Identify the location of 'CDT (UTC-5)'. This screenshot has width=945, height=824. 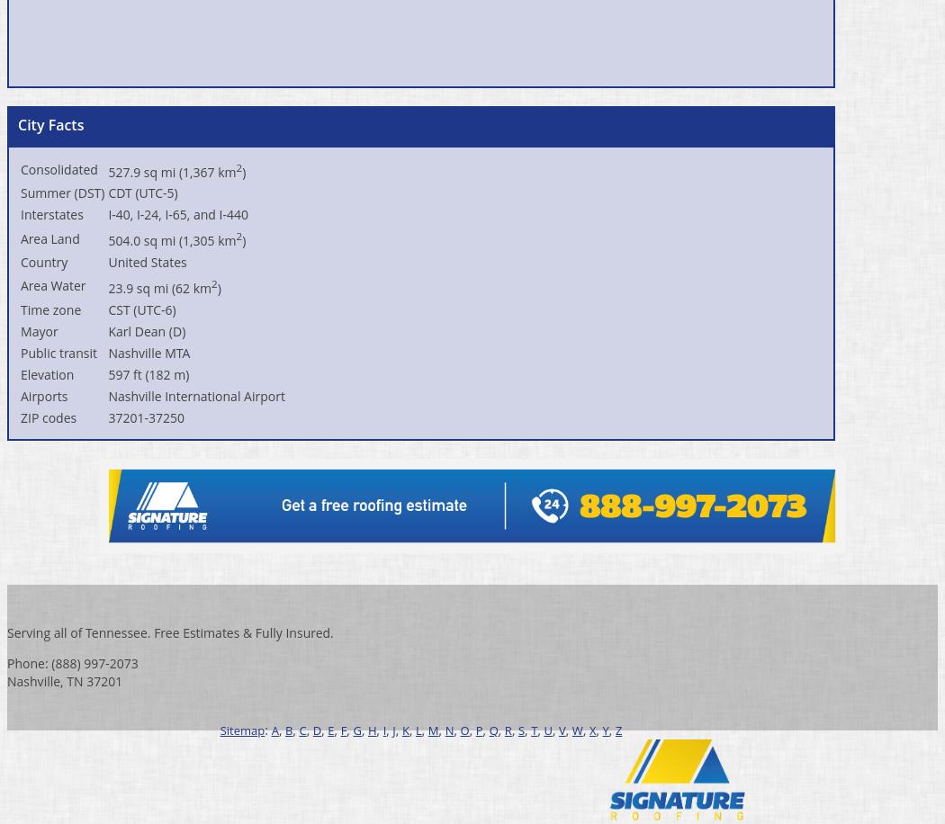
(142, 192).